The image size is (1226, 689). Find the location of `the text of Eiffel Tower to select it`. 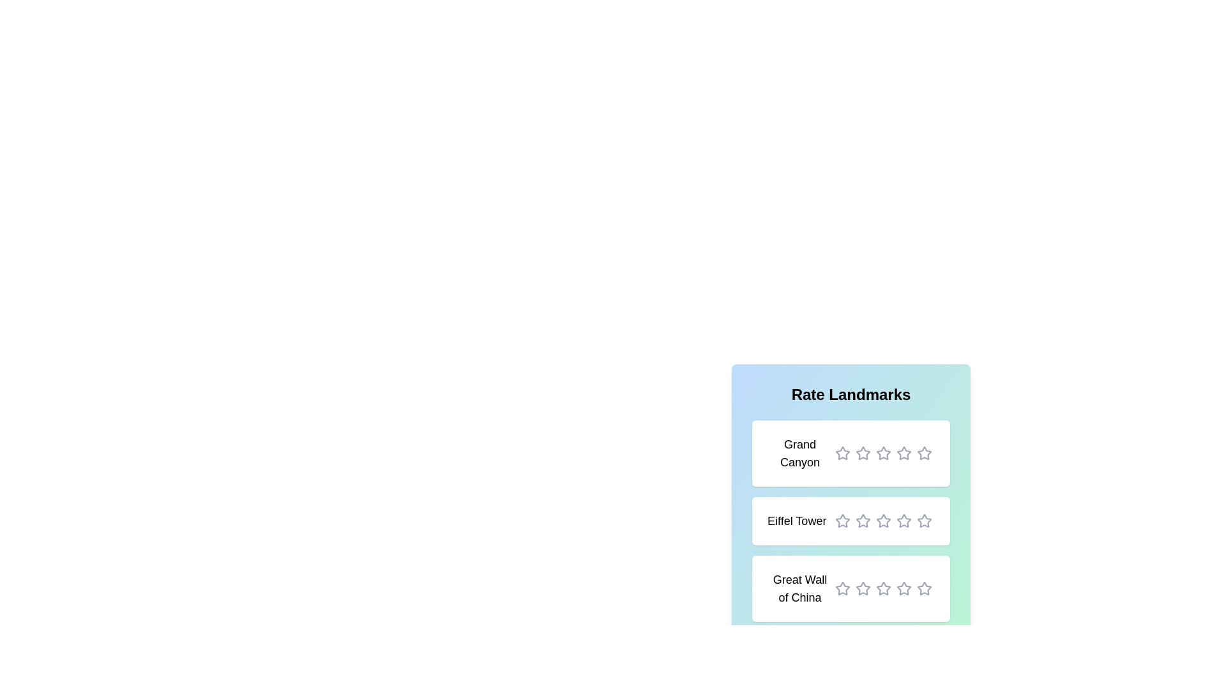

the text of Eiffel Tower to select it is located at coordinates (796, 521).